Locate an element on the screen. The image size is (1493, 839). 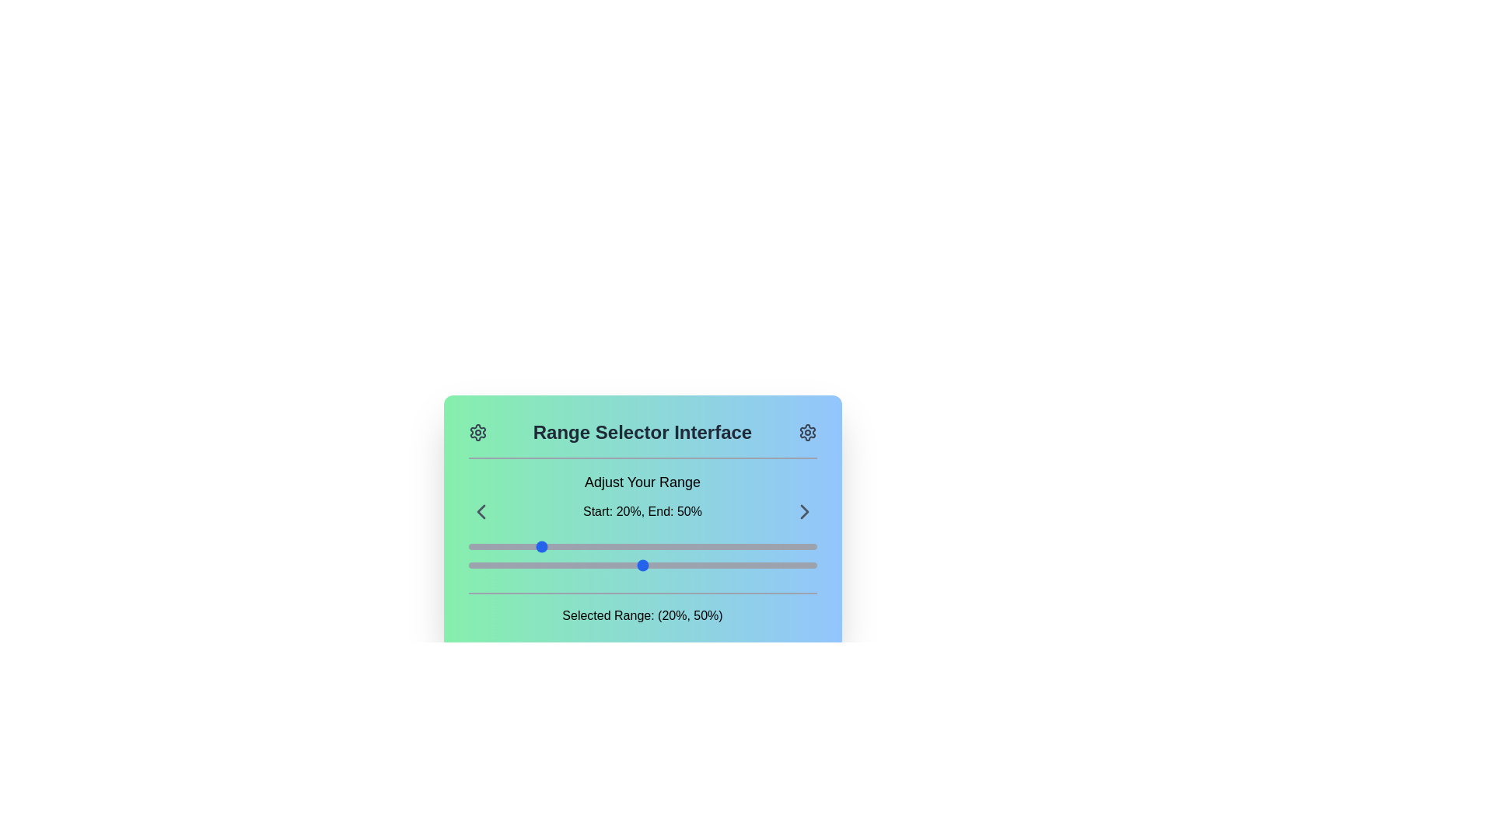
the slider value is located at coordinates (596, 566).